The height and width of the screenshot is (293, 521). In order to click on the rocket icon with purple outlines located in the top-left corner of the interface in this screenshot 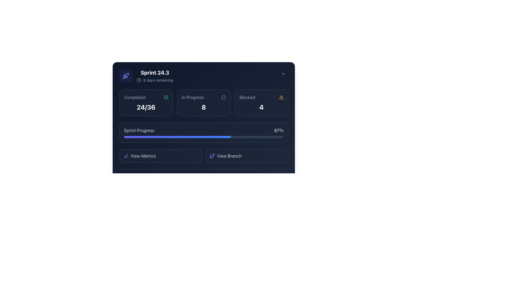, I will do `click(126, 76)`.